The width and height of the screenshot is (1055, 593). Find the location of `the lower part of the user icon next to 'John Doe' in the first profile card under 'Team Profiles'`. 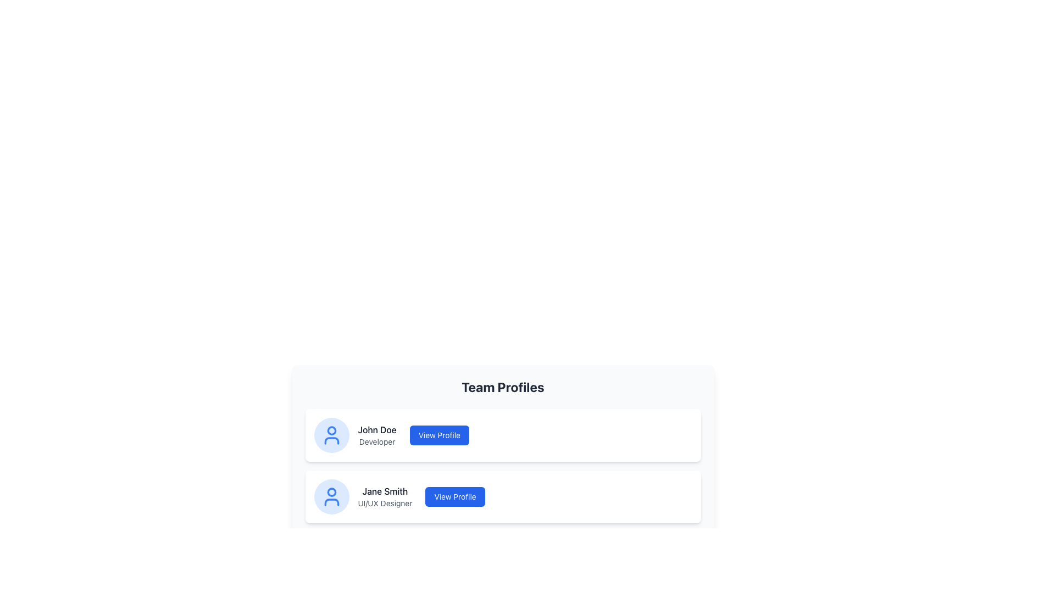

the lower part of the user icon next to 'John Doe' in the first profile card under 'Team Profiles' is located at coordinates (331, 440).